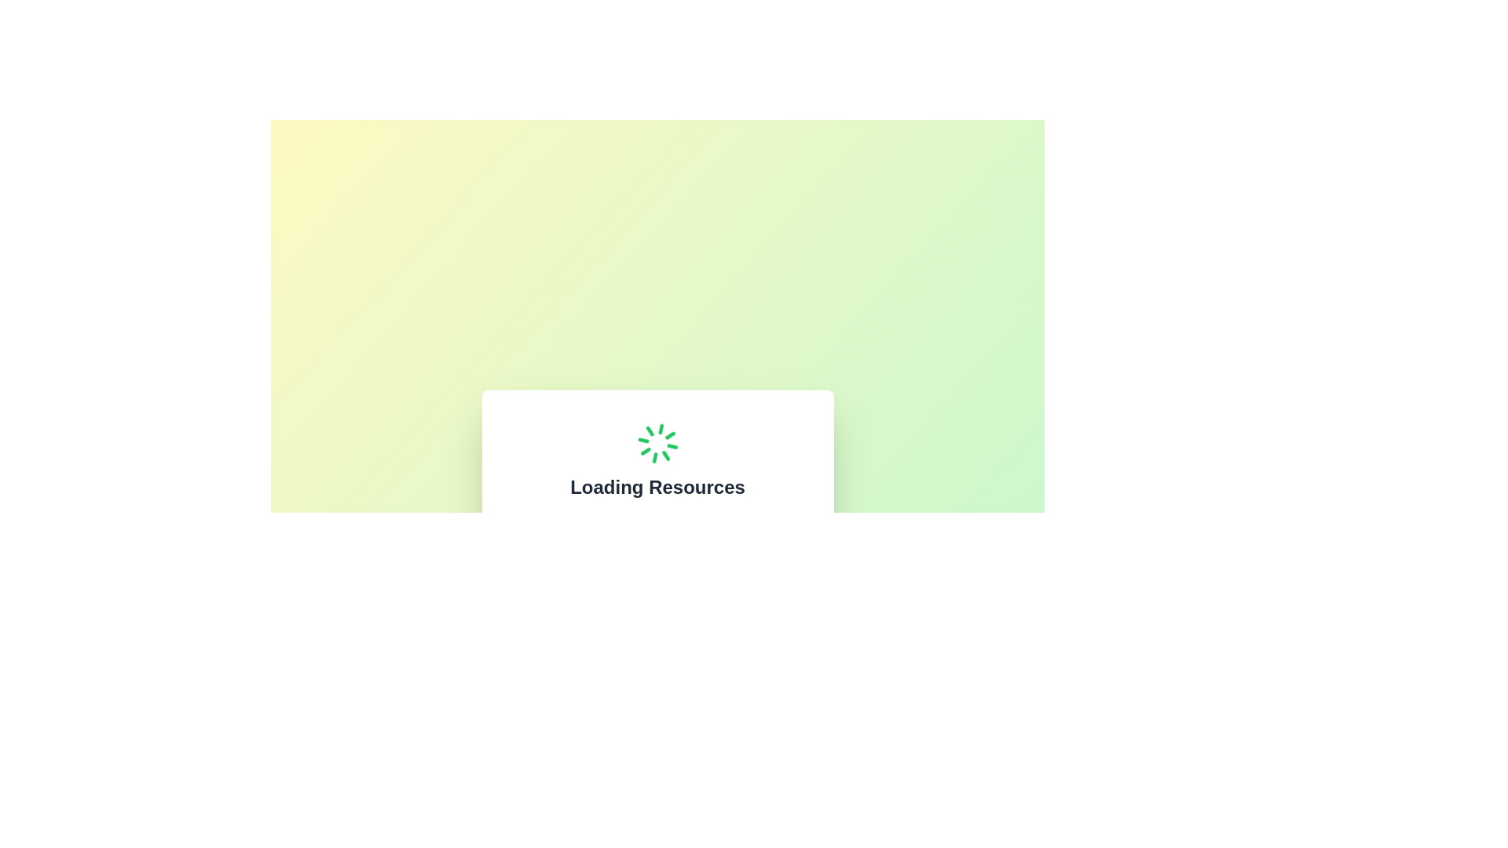 Image resolution: width=1508 pixels, height=848 pixels. Describe the element at coordinates (657, 443) in the screenshot. I see `the green circular loading spinner animation, which is centrally aligned above the 'Loading Resources' text within a white card overlay` at that location.